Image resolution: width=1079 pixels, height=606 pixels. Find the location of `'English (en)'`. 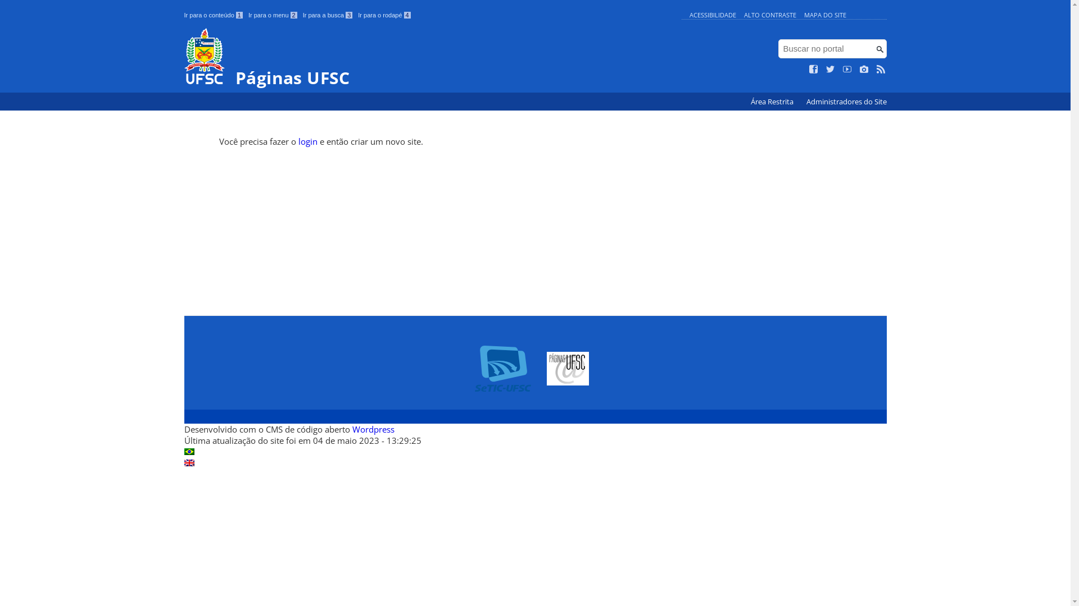

'English (en)' is located at coordinates (189, 463).